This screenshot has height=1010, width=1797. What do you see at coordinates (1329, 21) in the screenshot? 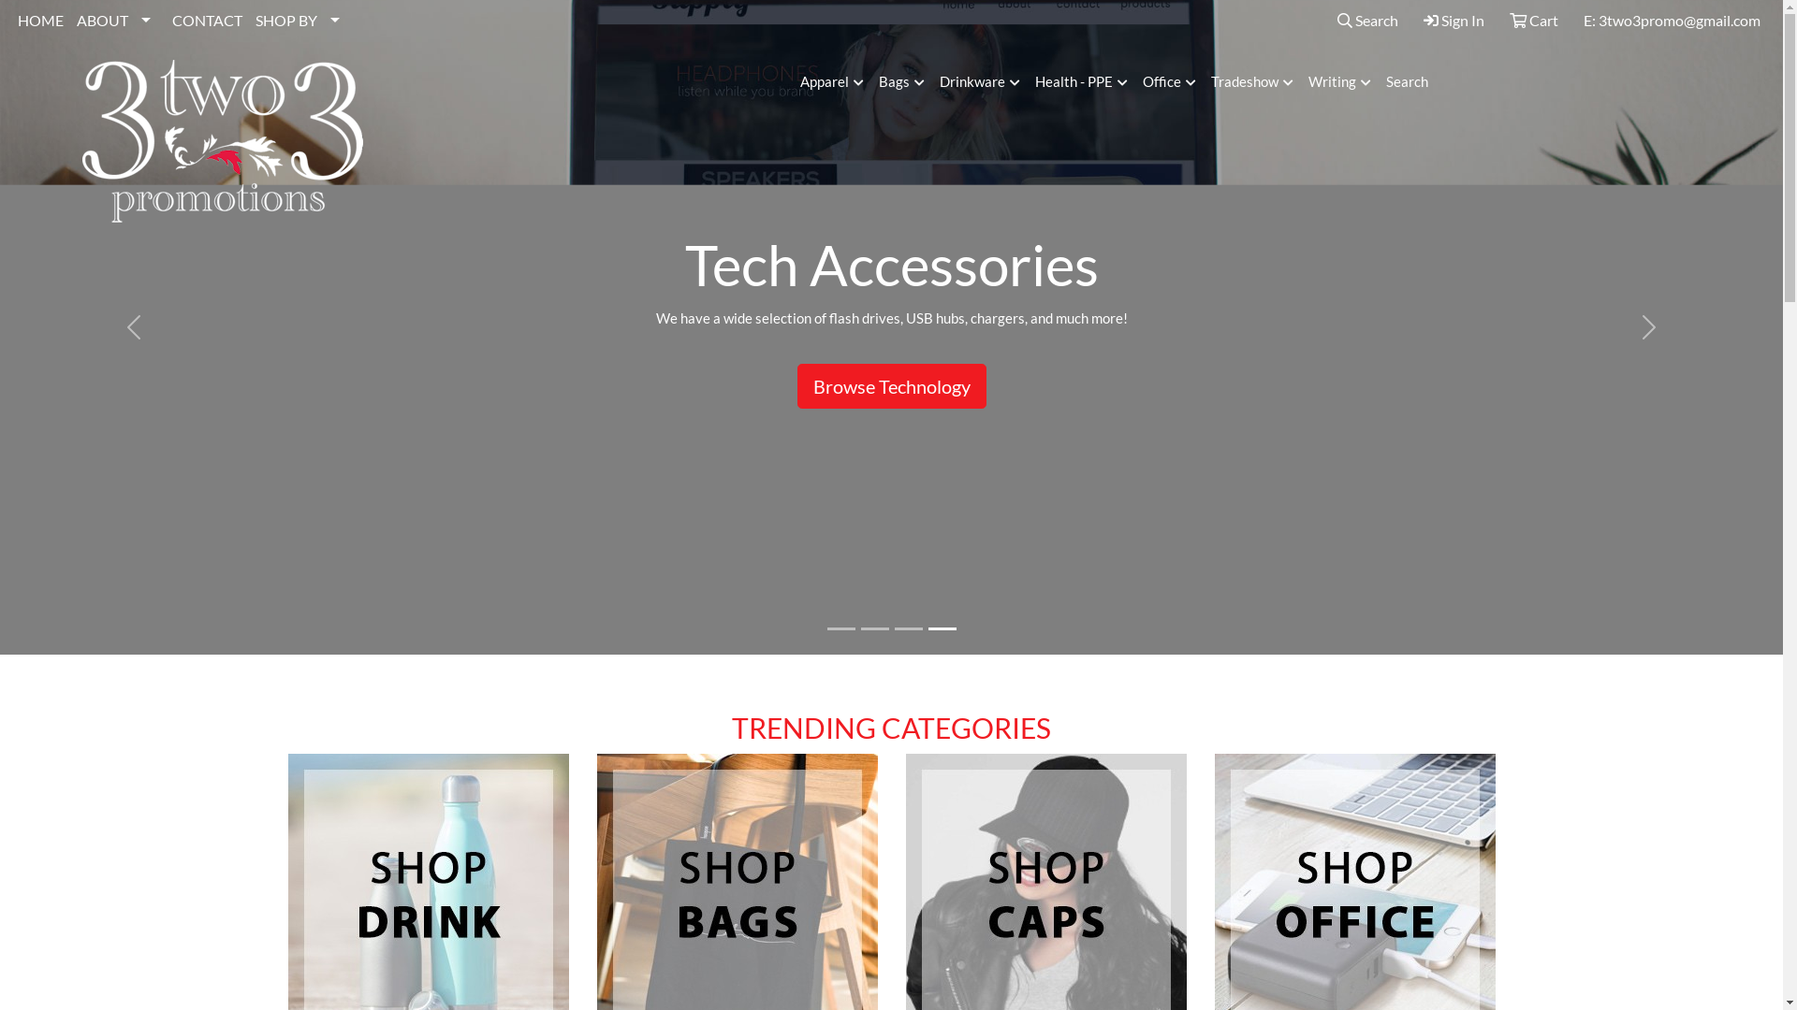
I see `'Search'` at bounding box center [1329, 21].